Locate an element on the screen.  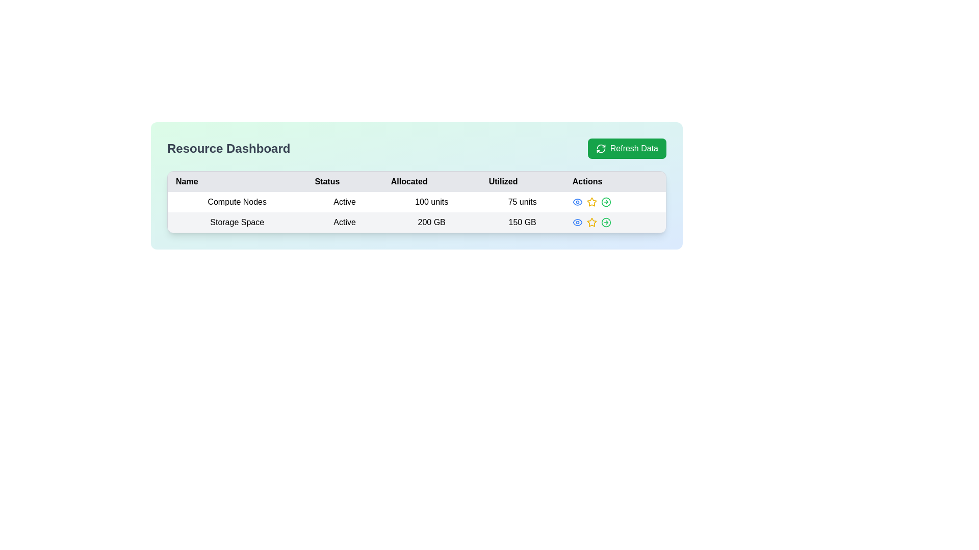
the central circular part of the SVG Circle element representing a right arrow in the 'Actions' column of the first row of the table is located at coordinates (606, 202).